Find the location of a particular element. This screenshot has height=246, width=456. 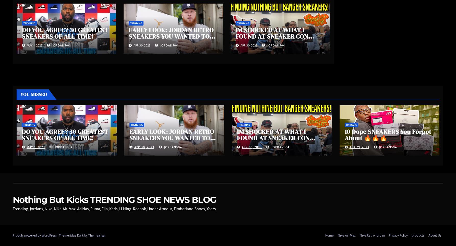

'products' is located at coordinates (418, 235).